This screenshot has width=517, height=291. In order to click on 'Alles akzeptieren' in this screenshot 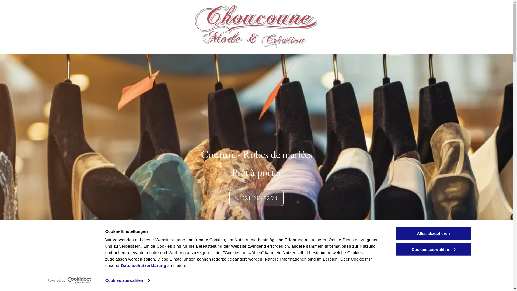, I will do `click(394, 233)`.